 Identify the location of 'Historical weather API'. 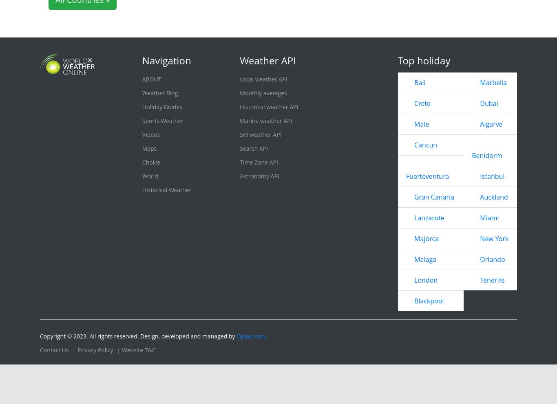
(268, 106).